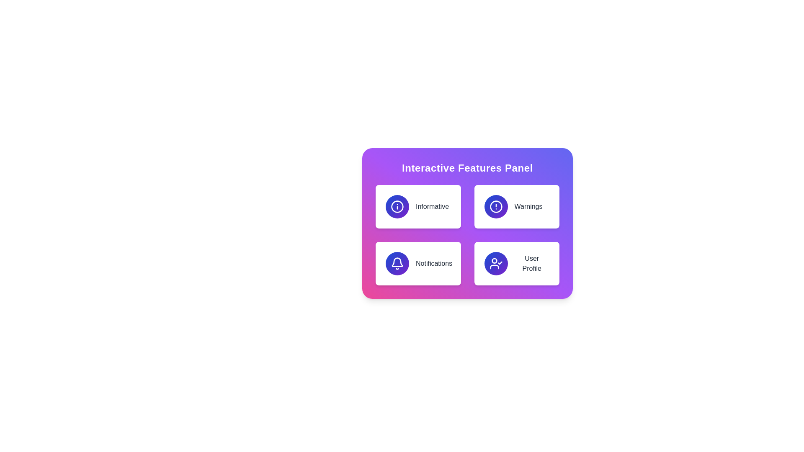 Image resolution: width=804 pixels, height=452 pixels. Describe the element at coordinates (494, 260) in the screenshot. I see `the SVG Circle representing the user's head in the user profile icon located in the upper-left quadrant of the SVG graphic` at that location.